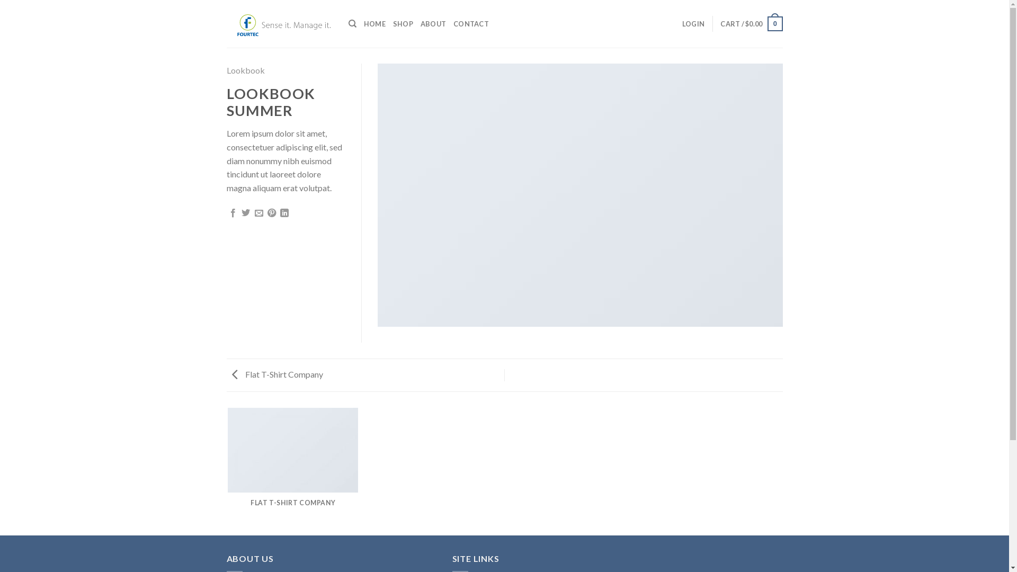 Image resolution: width=1017 pixels, height=572 pixels. What do you see at coordinates (272, 213) in the screenshot?
I see `'Pin on Pinterest'` at bounding box center [272, 213].